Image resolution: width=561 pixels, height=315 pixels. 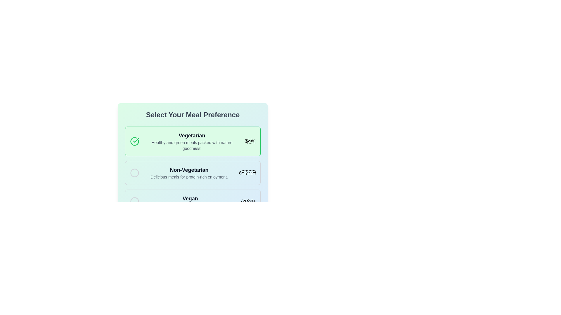 I want to click on the 'Vegetarian' meal preference text block, which is centrally located within the first option of the selection list, accompanied by a green checkmark on the left and an icon on the right, so click(x=192, y=141).